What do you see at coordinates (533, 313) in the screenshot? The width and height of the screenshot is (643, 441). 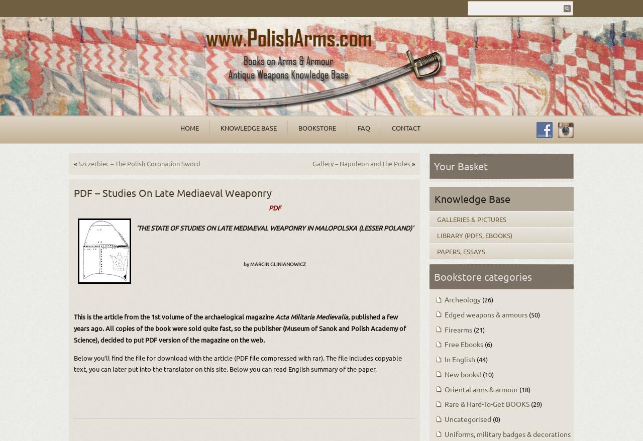 I see `'(50)'` at bounding box center [533, 313].